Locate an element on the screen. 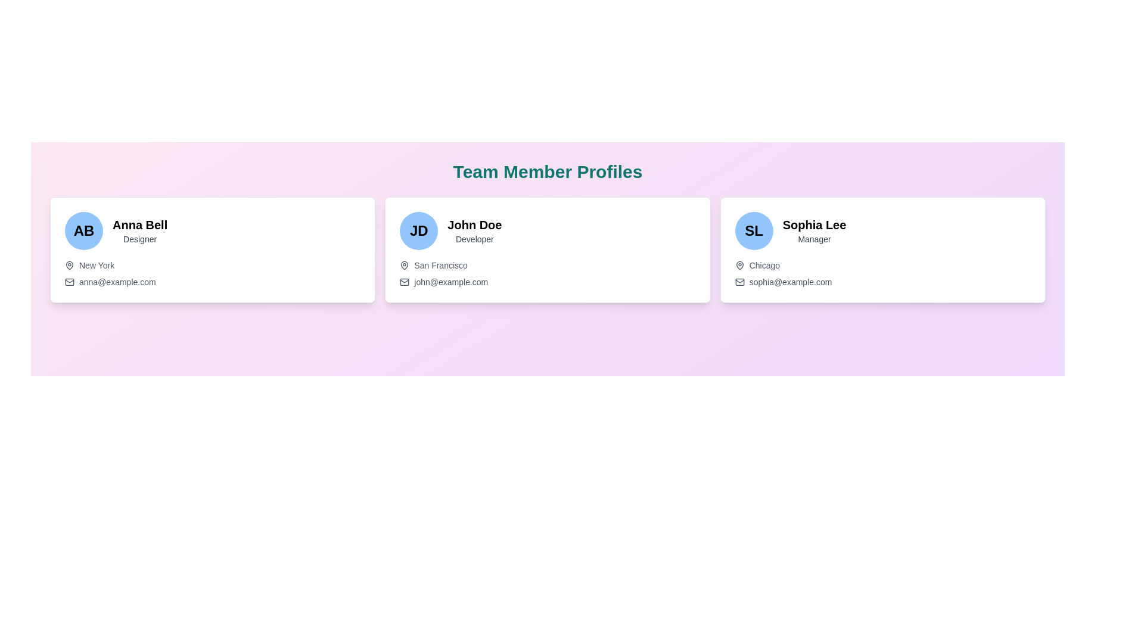 The height and width of the screenshot is (643, 1144). the Text Display element that shows 'Anna Bell' and 'Designer', located in the upper left section of the team profiles card is located at coordinates (140, 231).